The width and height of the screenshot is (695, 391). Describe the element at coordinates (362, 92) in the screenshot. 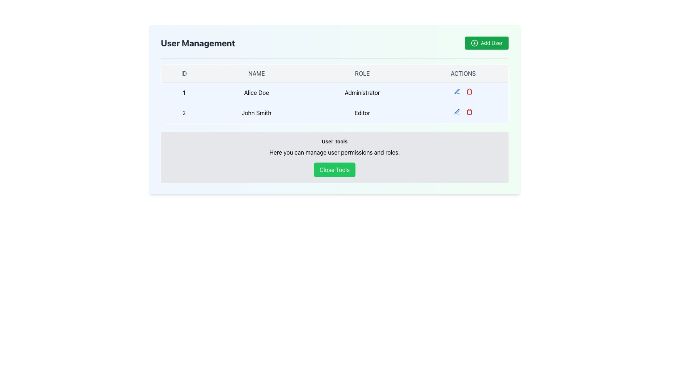

I see `the static text label reading 'Administrator' located in the 'ROLE' column of the first row, adjacent to 'Alice Doe'` at that location.